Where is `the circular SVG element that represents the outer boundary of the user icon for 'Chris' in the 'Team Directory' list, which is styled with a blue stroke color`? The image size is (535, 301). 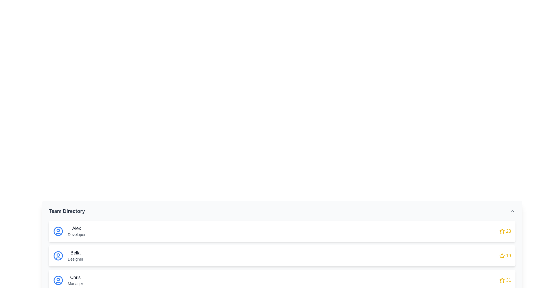
the circular SVG element that represents the outer boundary of the user icon for 'Chris' in the 'Team Directory' list, which is styled with a blue stroke color is located at coordinates (58, 280).